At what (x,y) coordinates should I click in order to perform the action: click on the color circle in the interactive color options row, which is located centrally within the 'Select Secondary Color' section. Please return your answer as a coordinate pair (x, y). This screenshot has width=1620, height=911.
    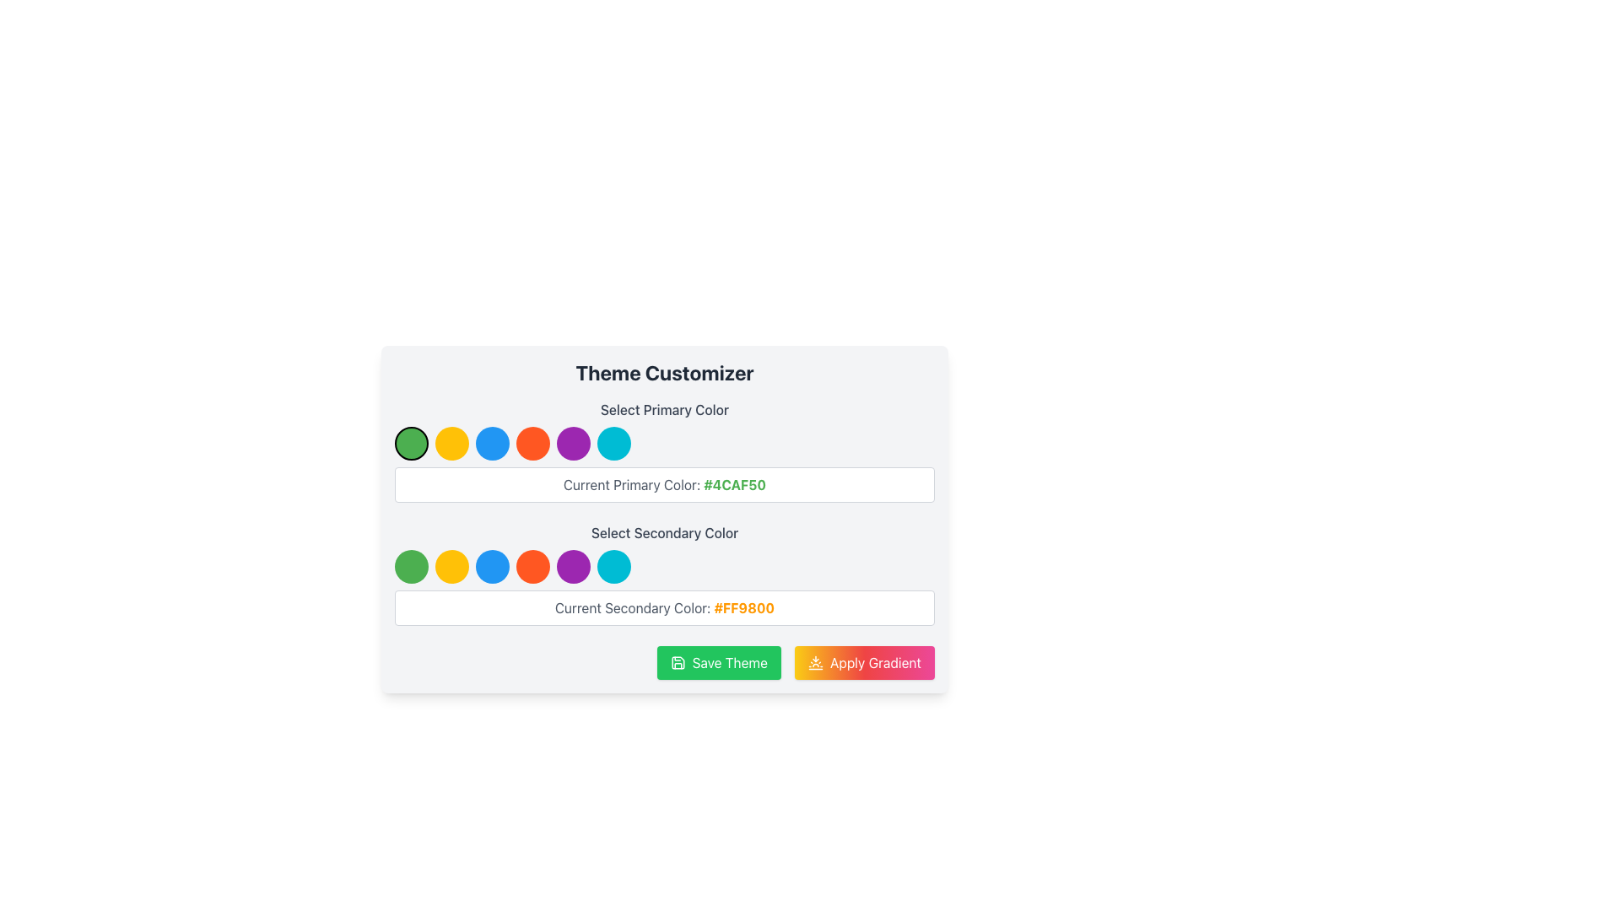
    Looking at the image, I should click on (663, 566).